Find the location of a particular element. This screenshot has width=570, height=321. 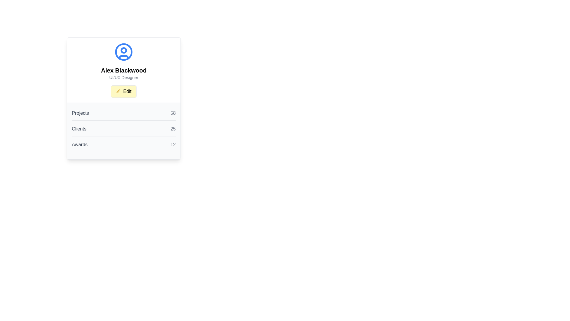

displayed data from the labeled data row showing the key performance indicator for 'Awards' with the value '12' is located at coordinates (123, 147).